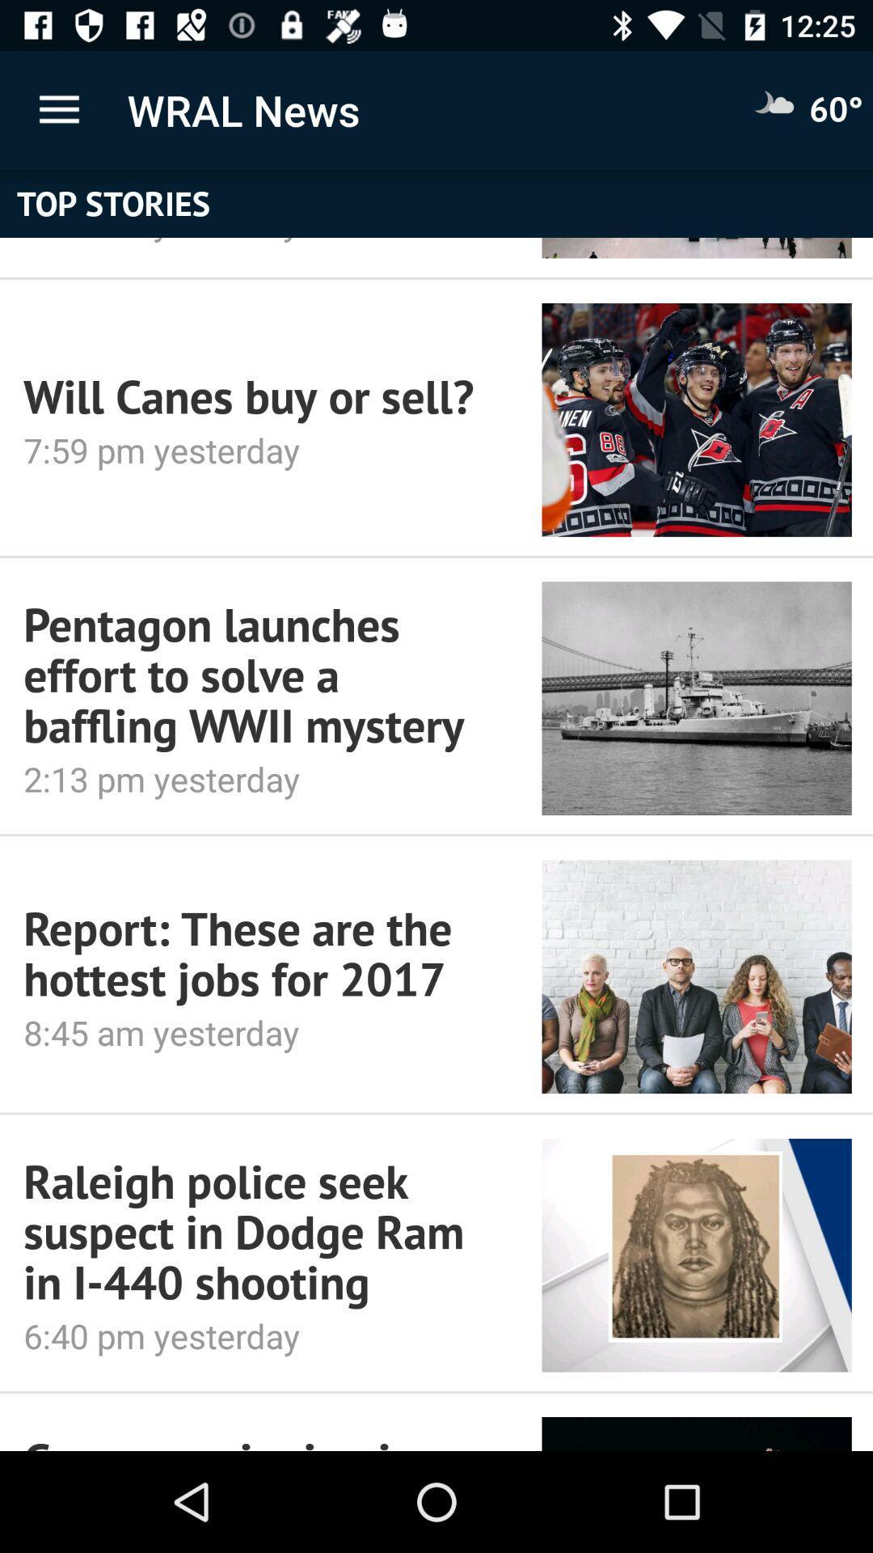 The height and width of the screenshot is (1553, 873). I want to click on the 8 45 am, so click(259, 1031).